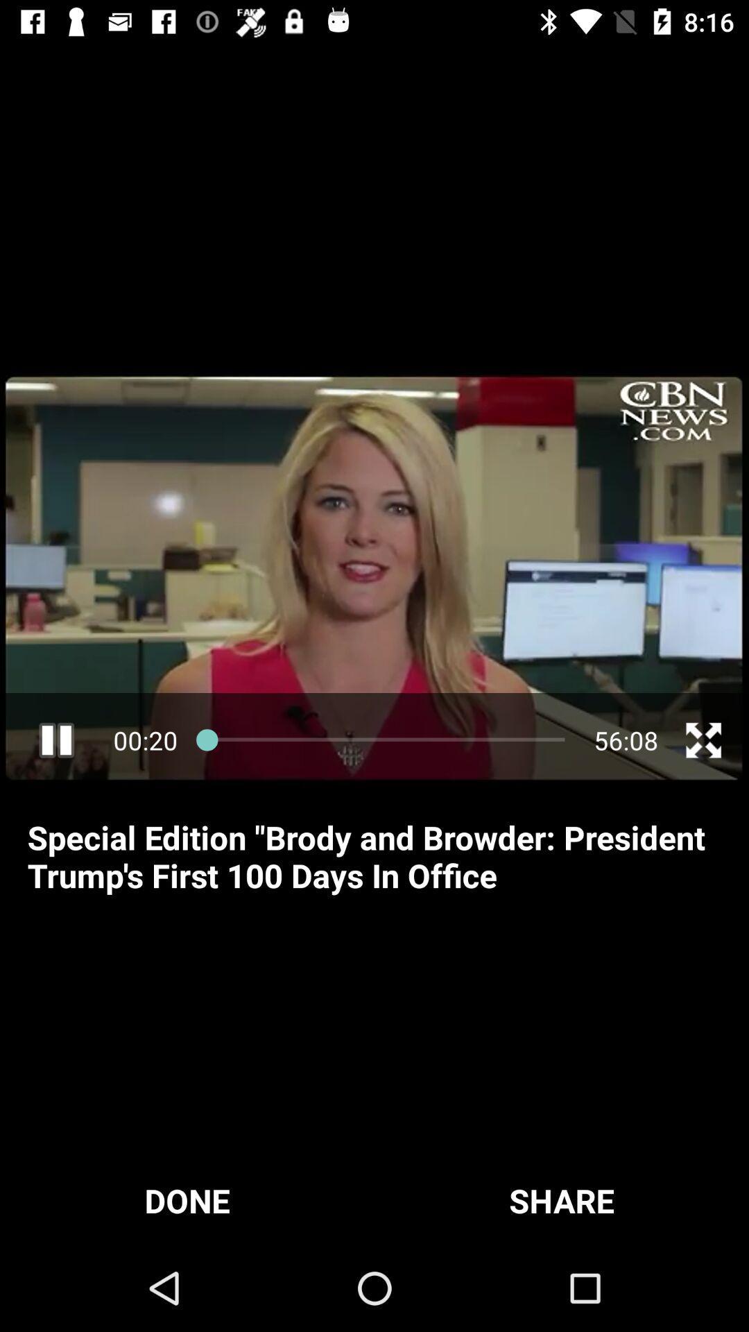 The height and width of the screenshot is (1332, 749). I want to click on pause audio, so click(55, 740).